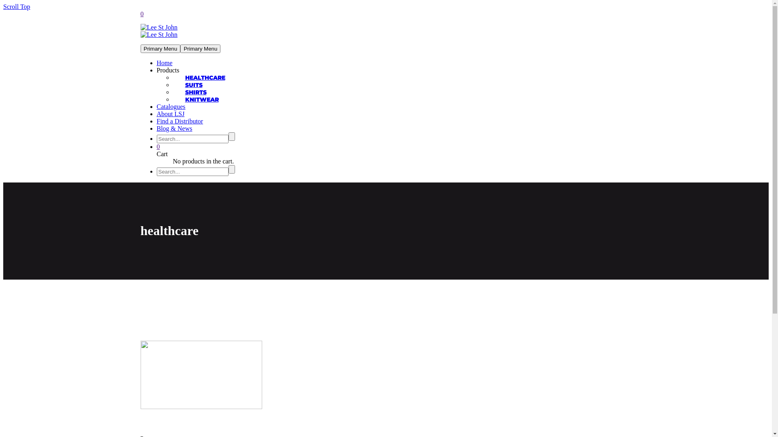 Image resolution: width=778 pixels, height=437 pixels. What do you see at coordinates (205, 78) in the screenshot?
I see `'HEALTHCARE'` at bounding box center [205, 78].